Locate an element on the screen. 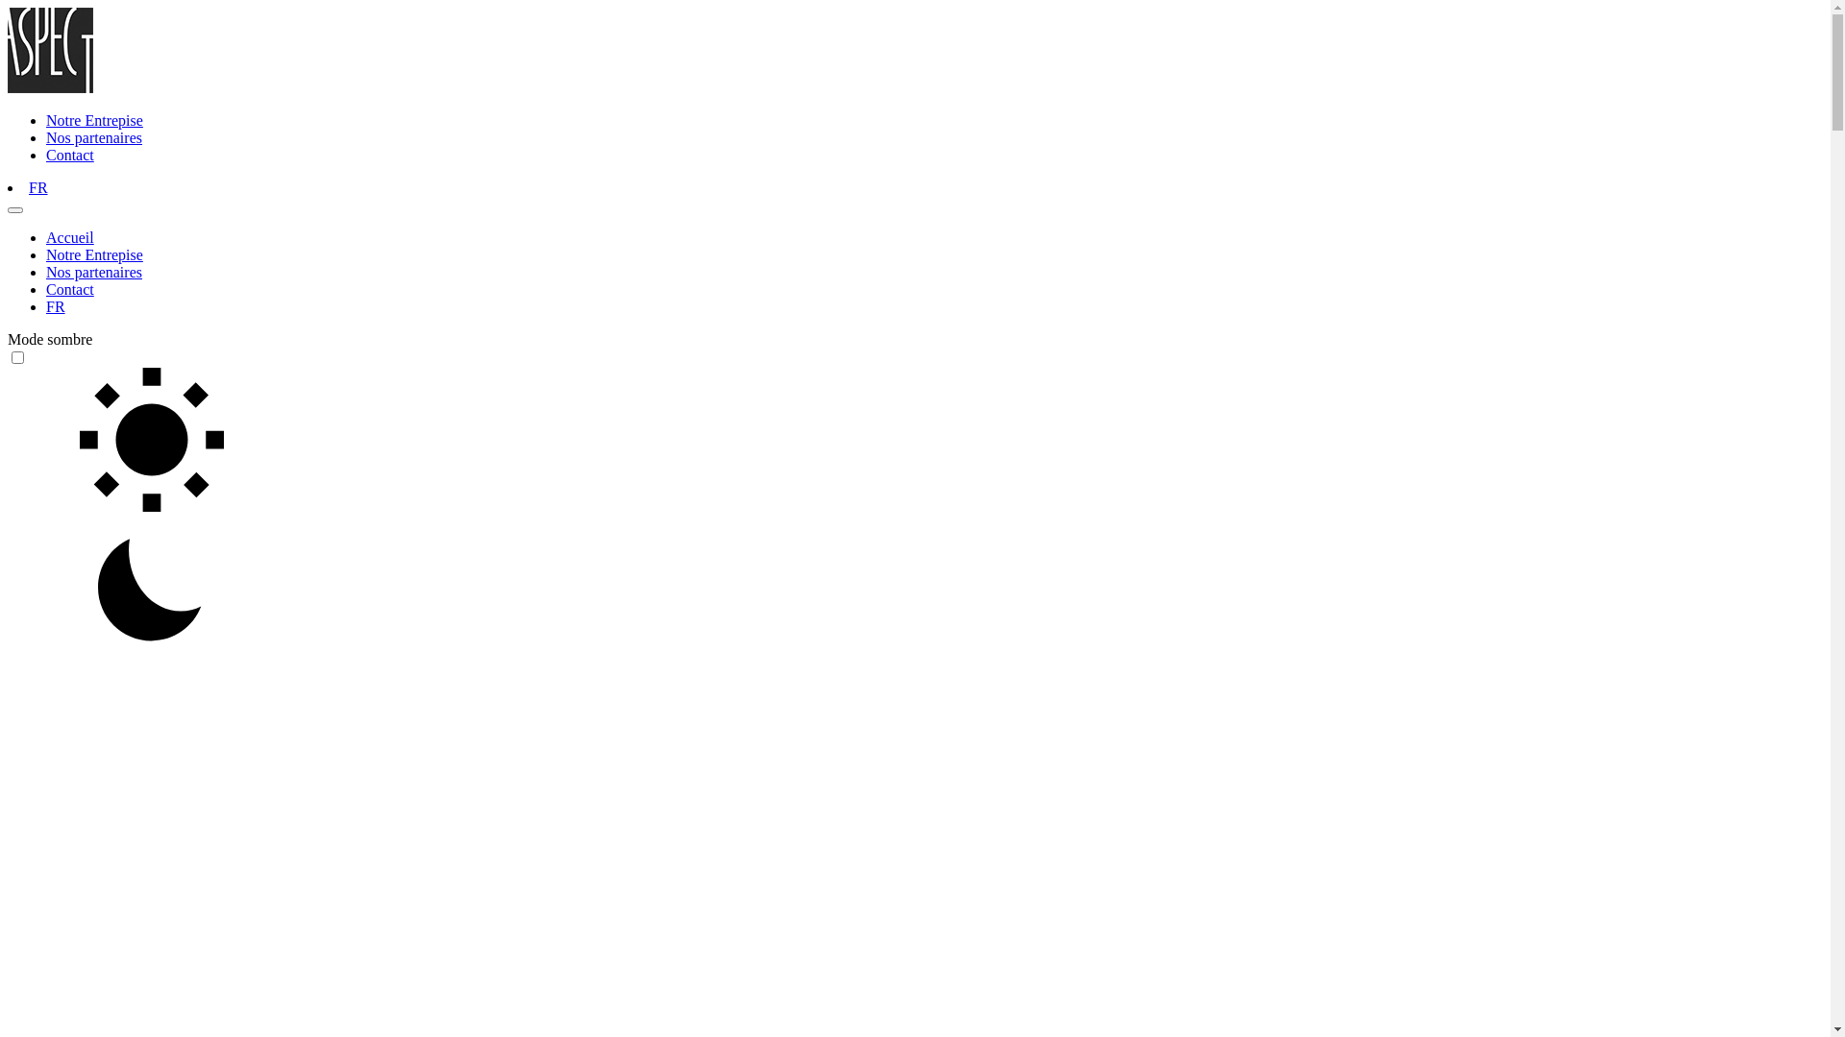 The width and height of the screenshot is (1845, 1037). 'Accueil' is located at coordinates (46, 236).